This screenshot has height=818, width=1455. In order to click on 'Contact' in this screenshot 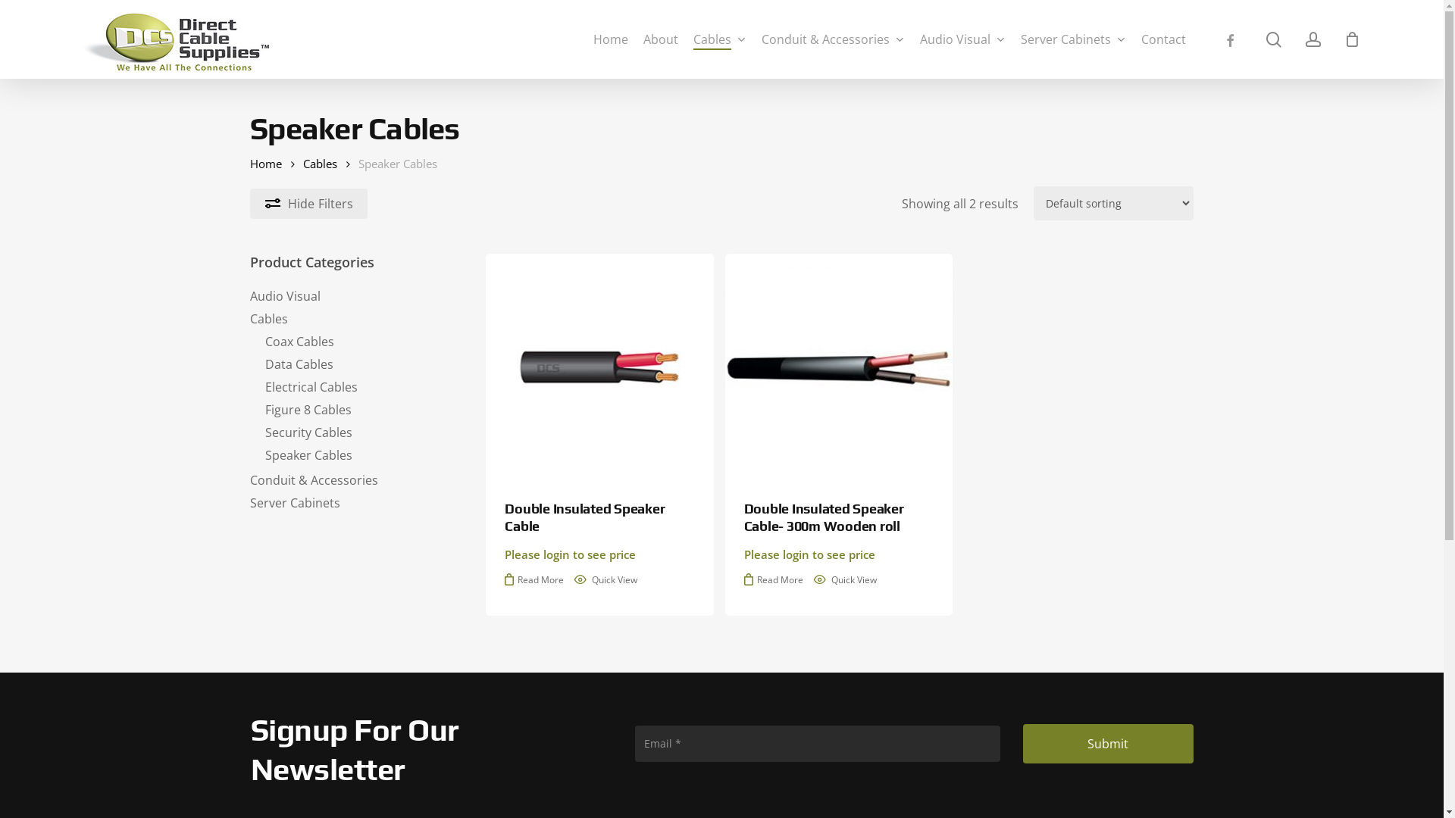, I will do `click(1141, 38)`.